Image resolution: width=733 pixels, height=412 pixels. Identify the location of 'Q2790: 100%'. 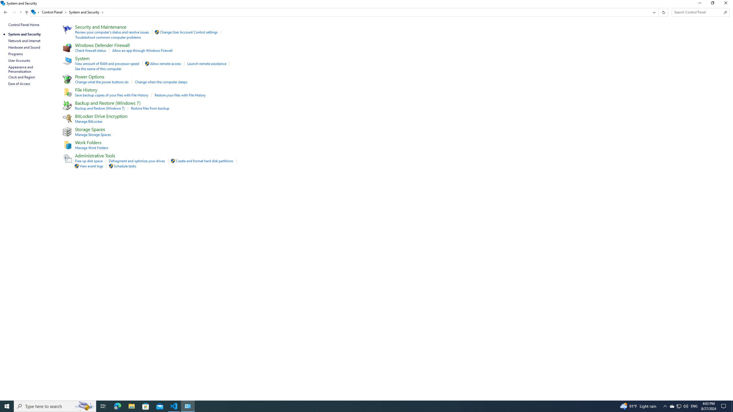
(685, 406).